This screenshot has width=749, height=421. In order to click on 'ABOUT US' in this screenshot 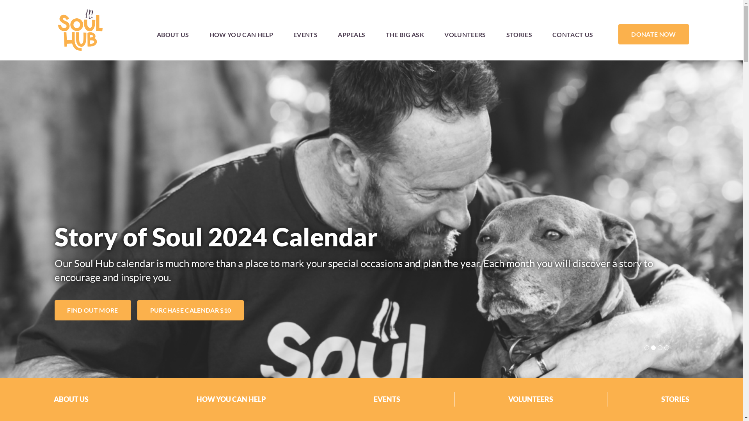, I will do `click(146, 34)`.